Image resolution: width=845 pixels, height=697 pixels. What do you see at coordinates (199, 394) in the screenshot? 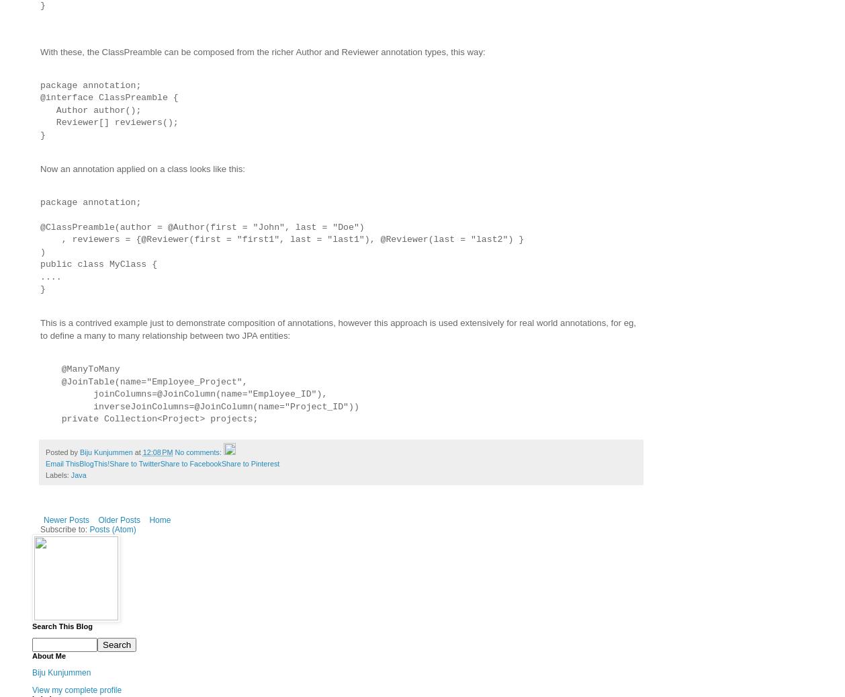
I see `'@ManyToMany
    @JoinTable(name="Employee_Project",
          joinColumns=@JoinColumn(name="Employee_ID"),
          inverseJoinColumns=@JoinColumn(name="Project_ID"))
    private Collection<Project> projects;'` at bounding box center [199, 394].